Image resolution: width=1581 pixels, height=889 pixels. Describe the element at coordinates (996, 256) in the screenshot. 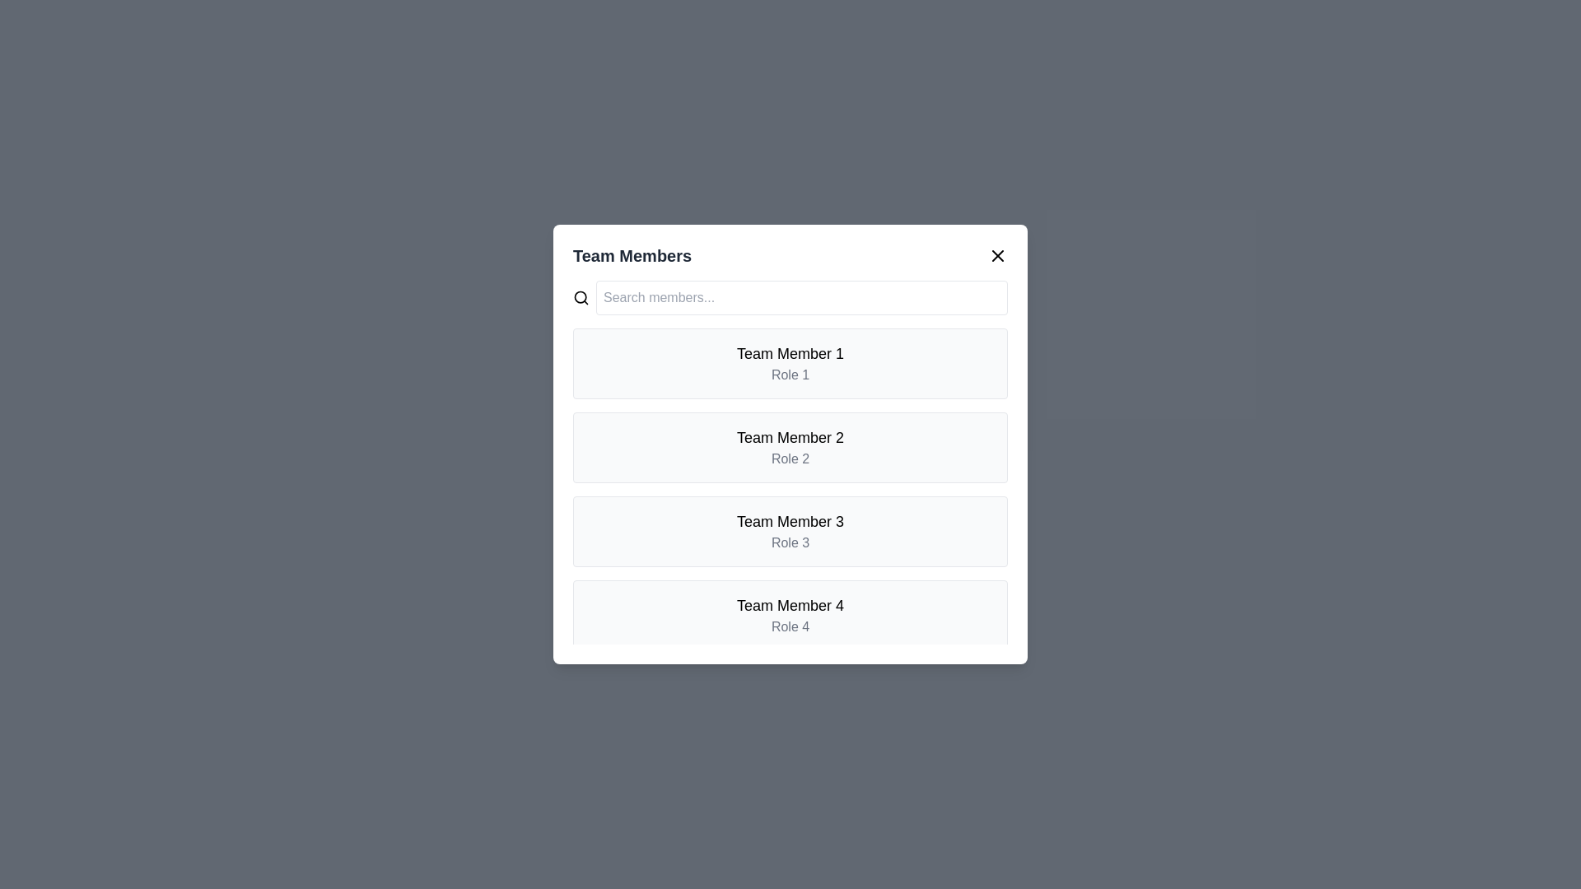

I see `the close icon to close the dialog` at that location.